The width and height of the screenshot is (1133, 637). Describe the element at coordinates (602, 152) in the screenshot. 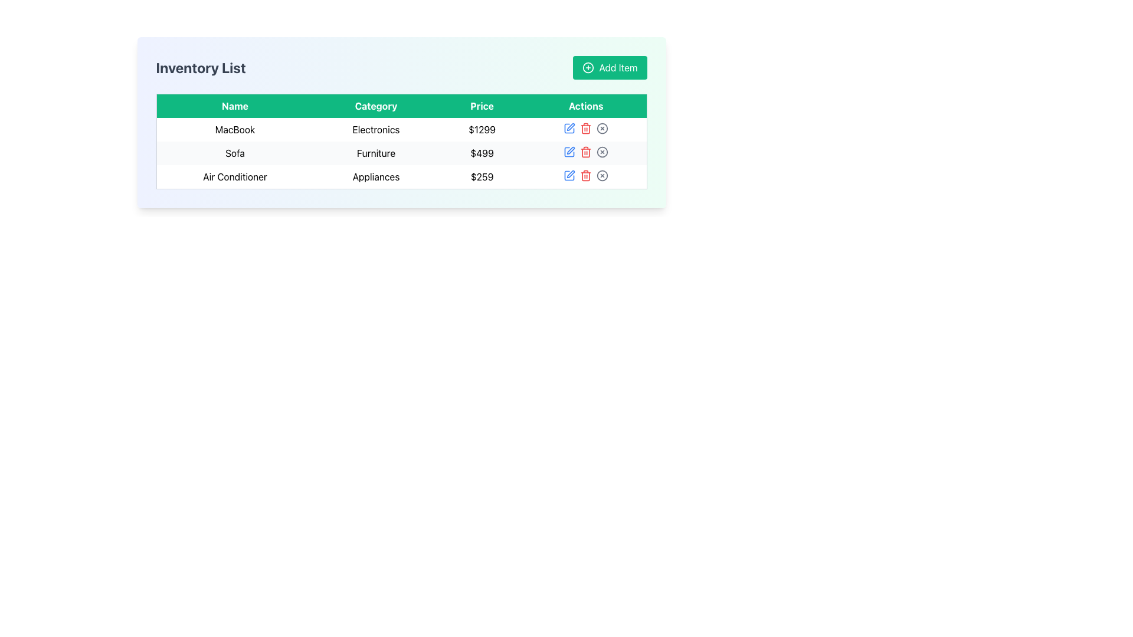

I see `the circular icon element with a thin border that represents actions related to the 'Sofa' row in the table` at that location.